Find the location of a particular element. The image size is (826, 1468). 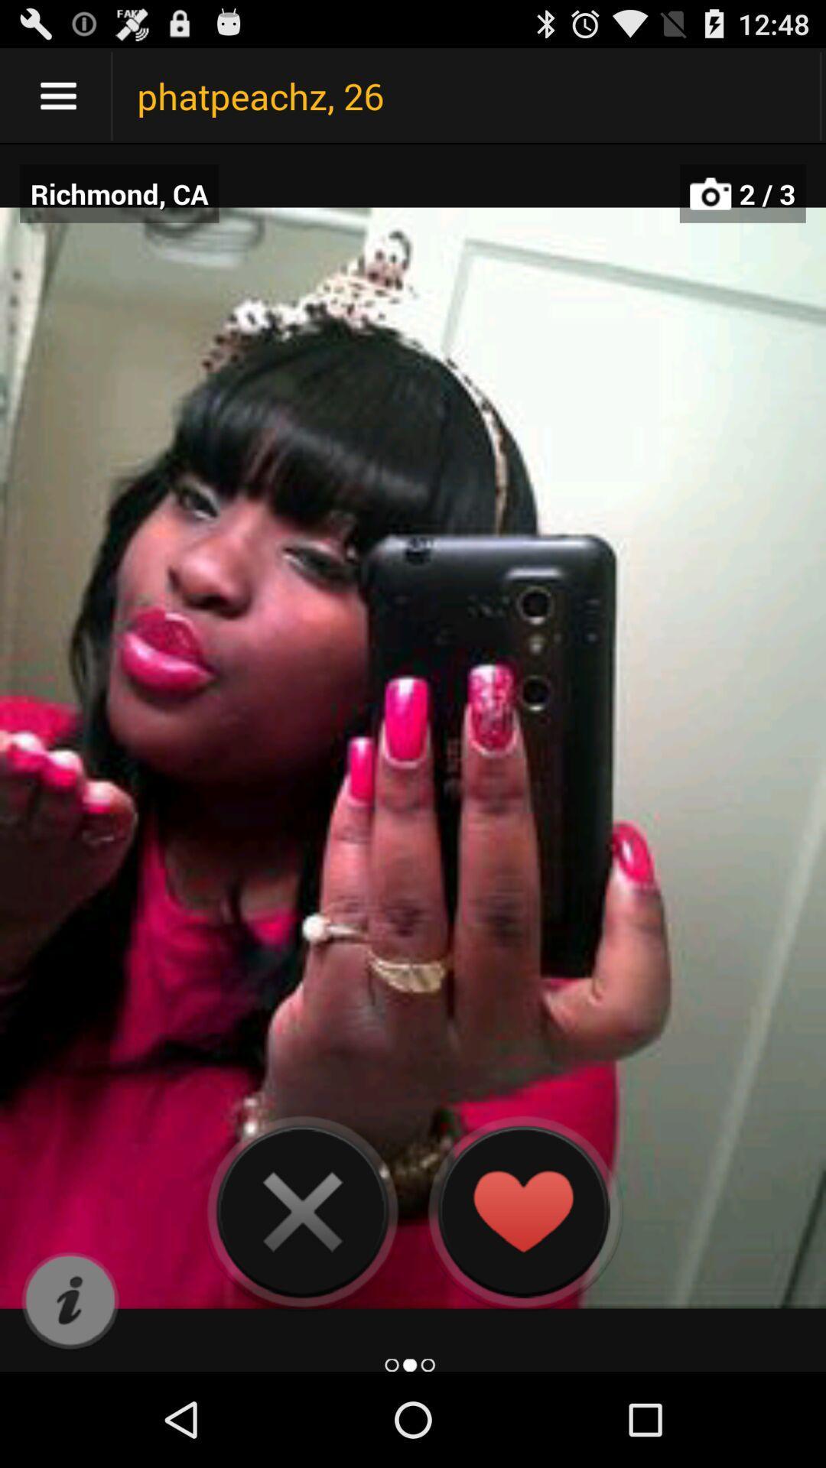

the icon at the bottom left corner is located at coordinates (70, 1301).